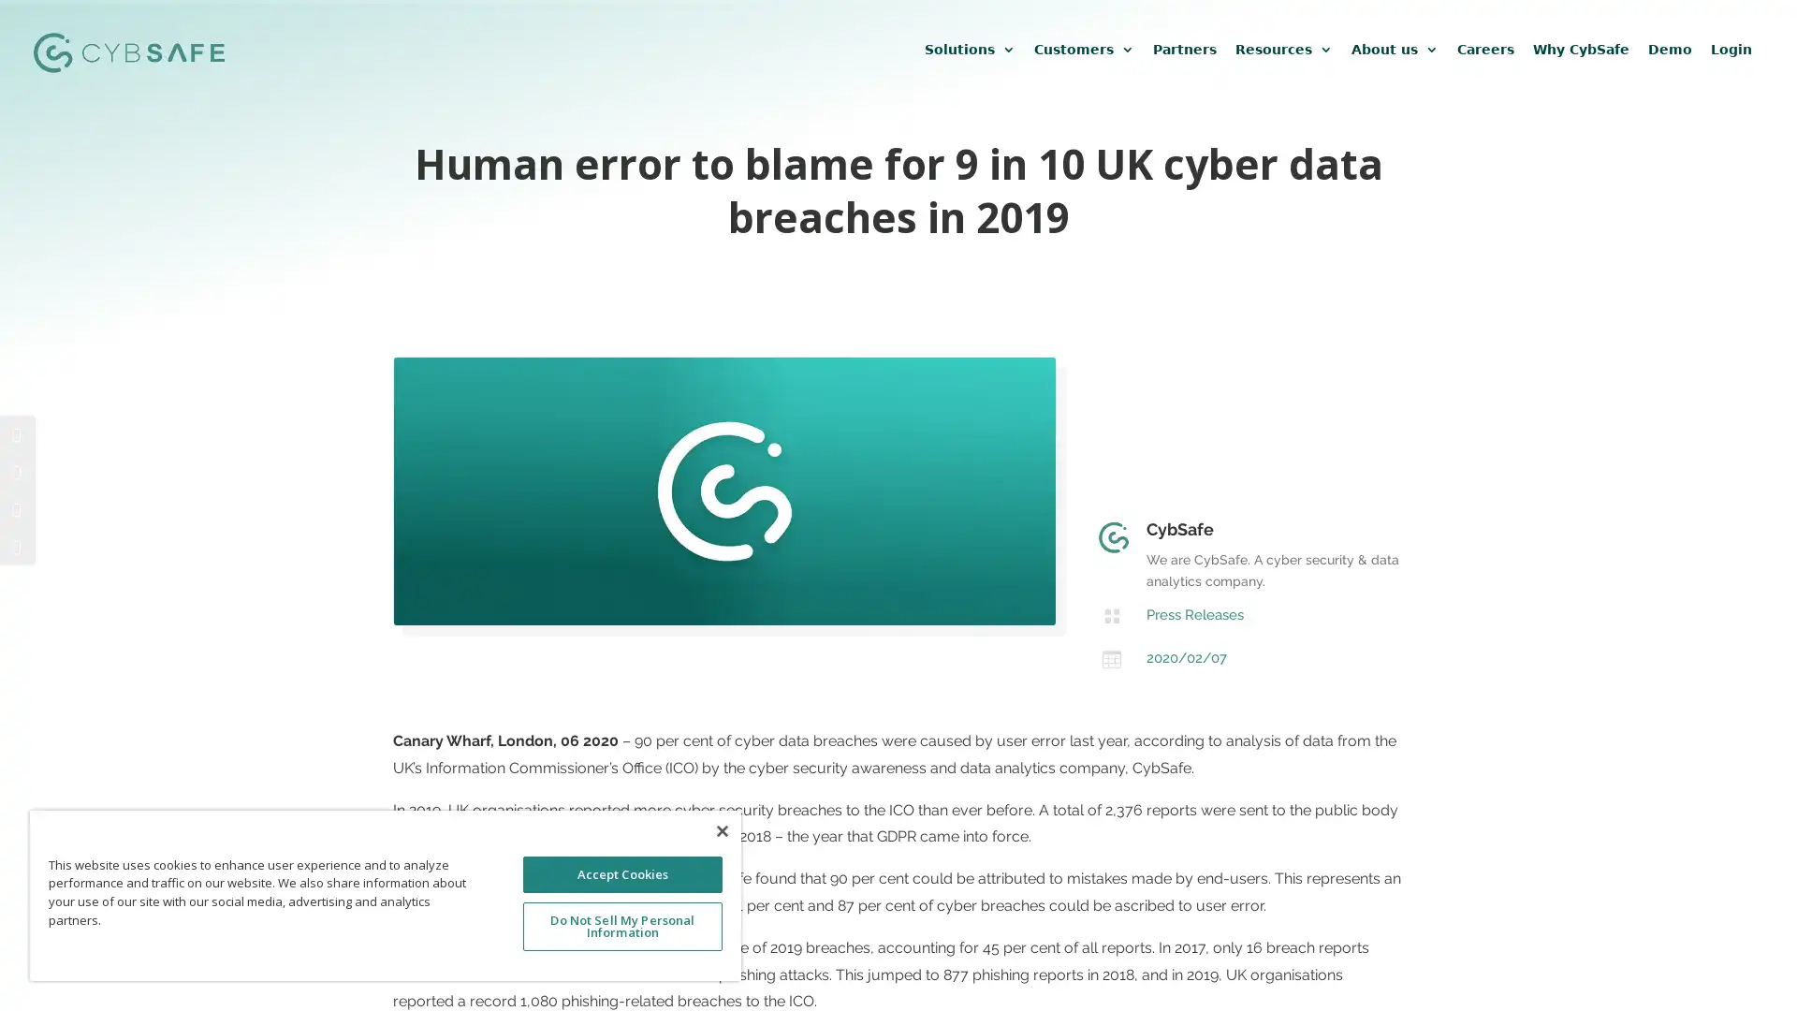 This screenshot has height=1011, width=1797. I want to click on Accept Cookies, so click(621, 873).